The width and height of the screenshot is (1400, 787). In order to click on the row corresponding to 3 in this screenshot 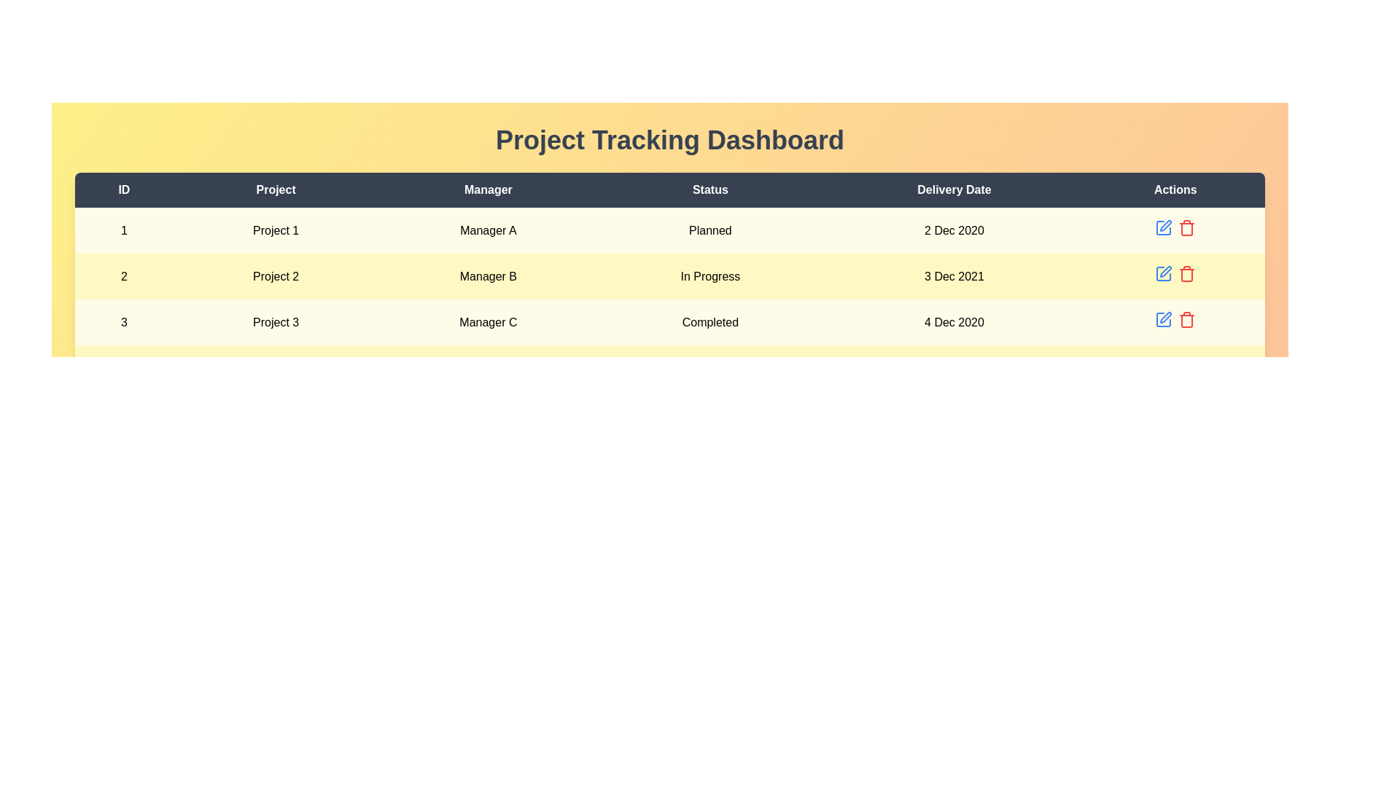, I will do `click(669, 321)`.